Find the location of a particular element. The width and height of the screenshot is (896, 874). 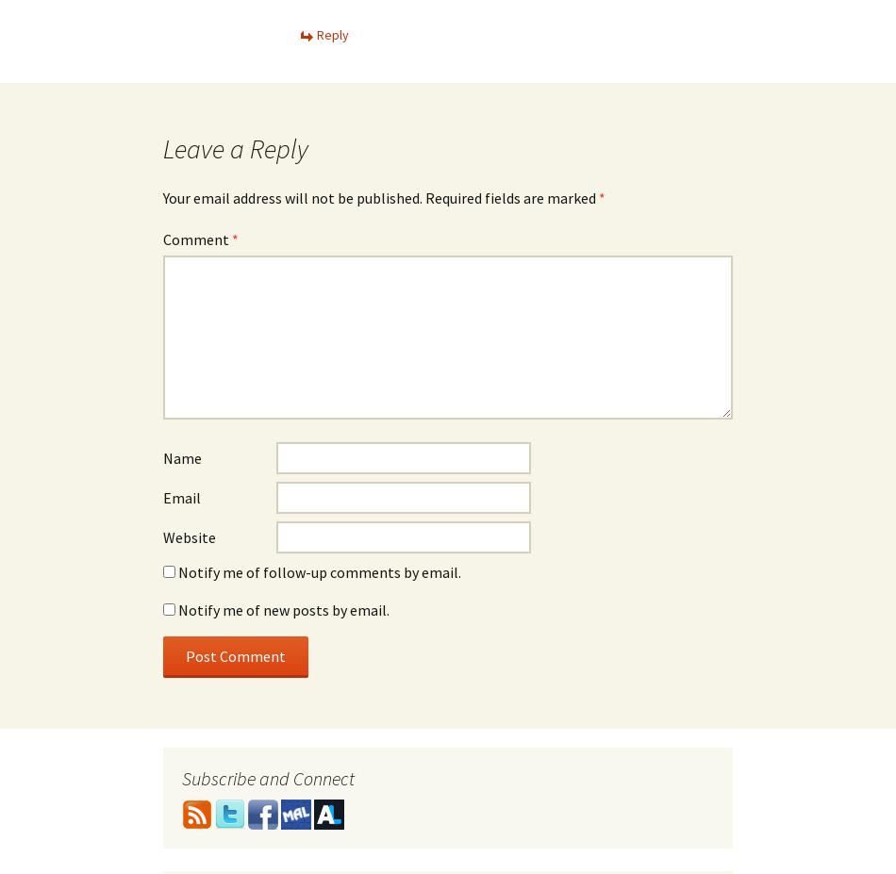

'Leave a Reply' is located at coordinates (235, 148).